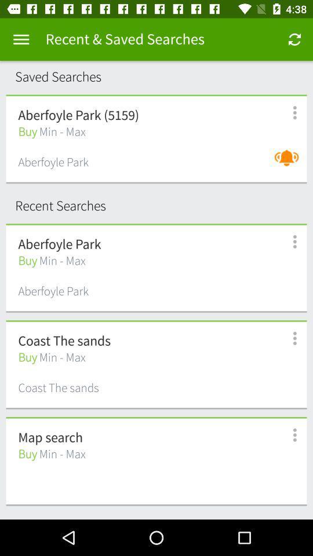 This screenshot has width=313, height=556. Describe the element at coordinates (287, 112) in the screenshot. I see `more options` at that location.